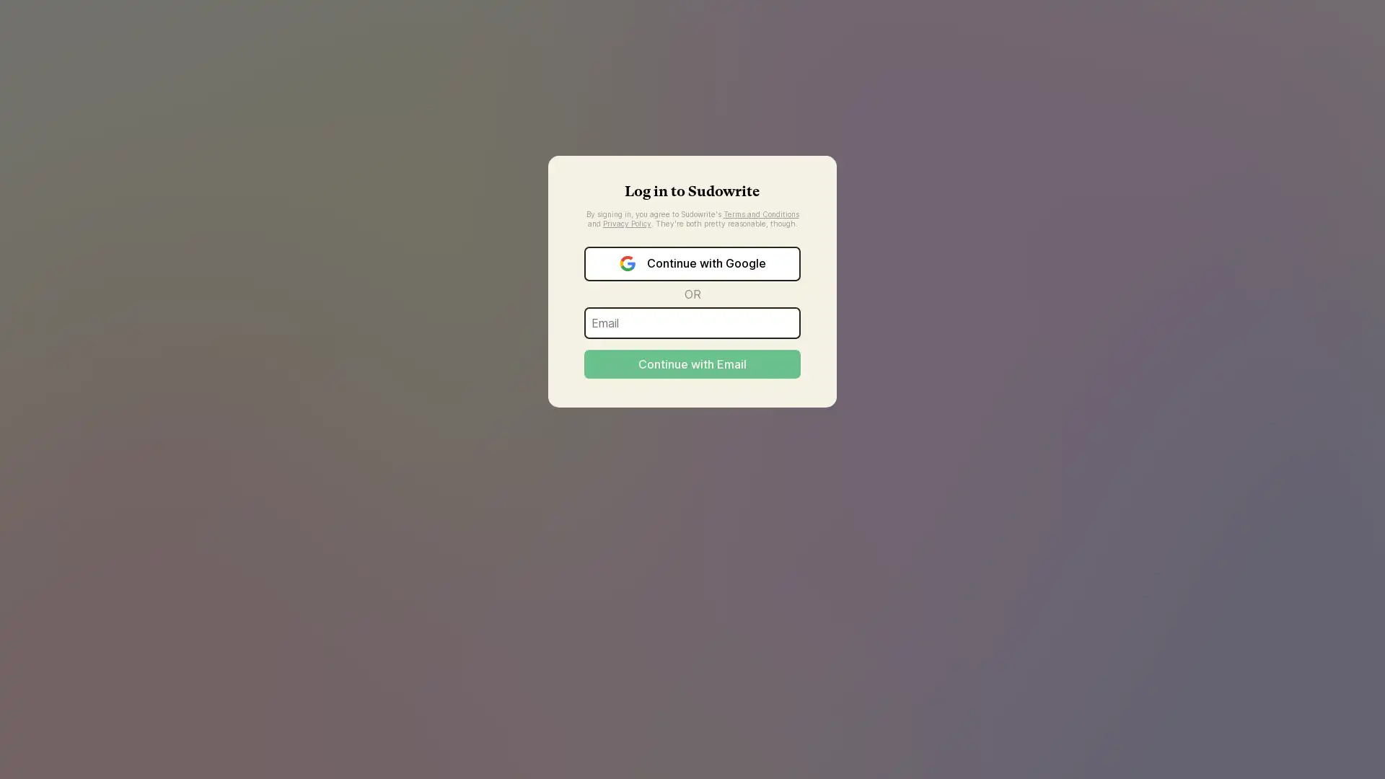 The height and width of the screenshot is (779, 1385). What do you see at coordinates (692, 263) in the screenshot?
I see `Continue with Google` at bounding box center [692, 263].